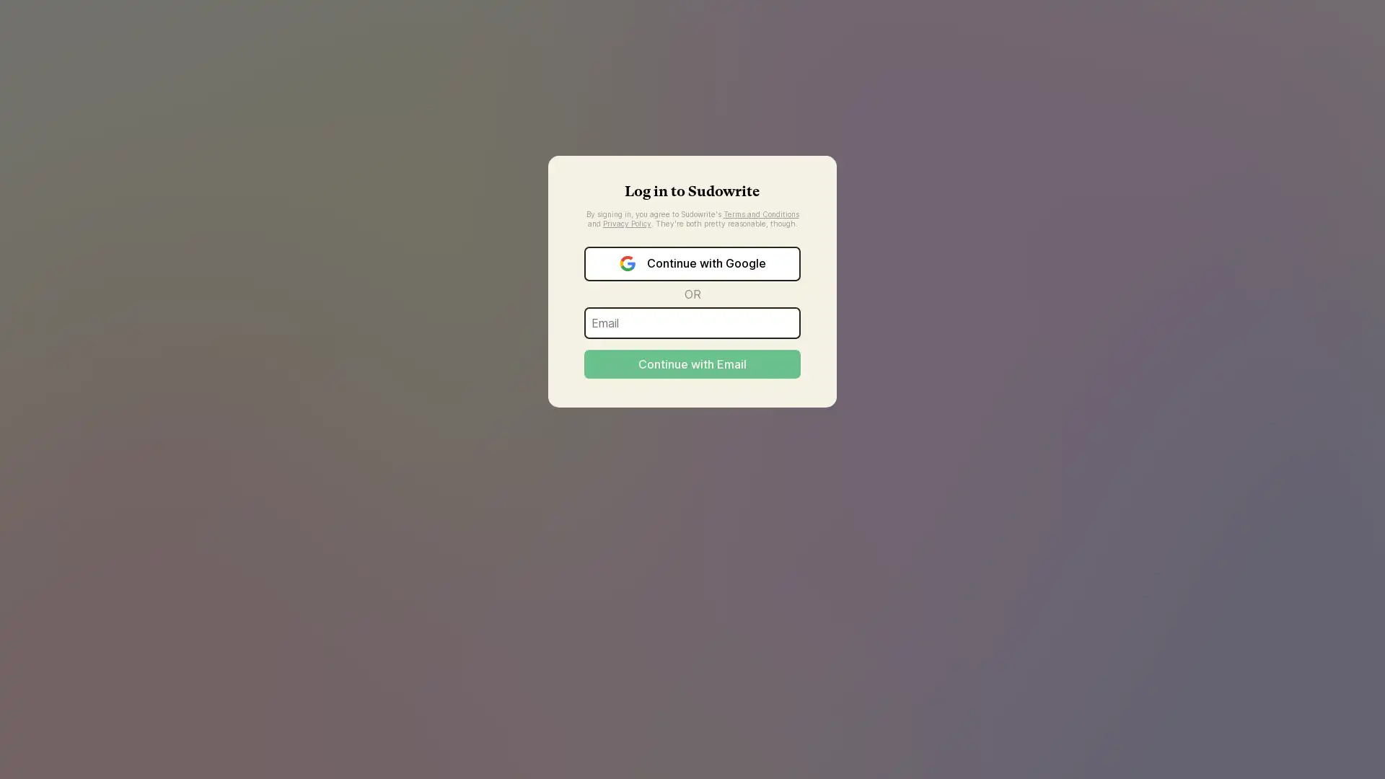 The height and width of the screenshot is (779, 1385). What do you see at coordinates (692, 263) in the screenshot?
I see `Continue with Google` at bounding box center [692, 263].